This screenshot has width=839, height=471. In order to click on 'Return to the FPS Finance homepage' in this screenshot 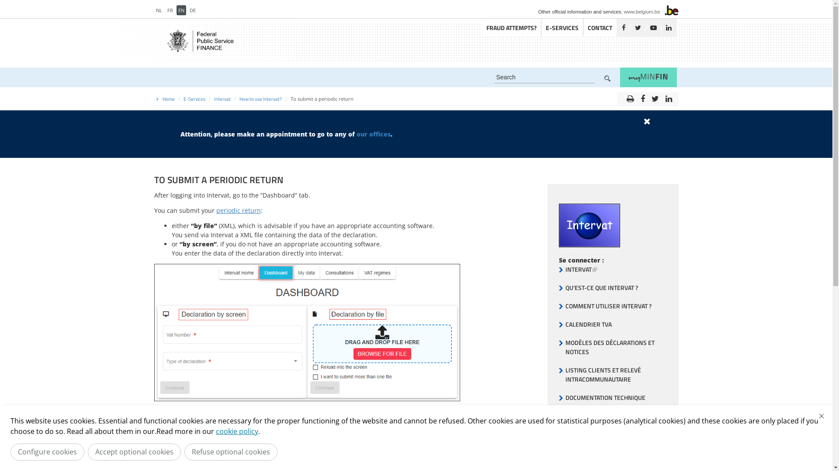, I will do `click(202, 41)`.